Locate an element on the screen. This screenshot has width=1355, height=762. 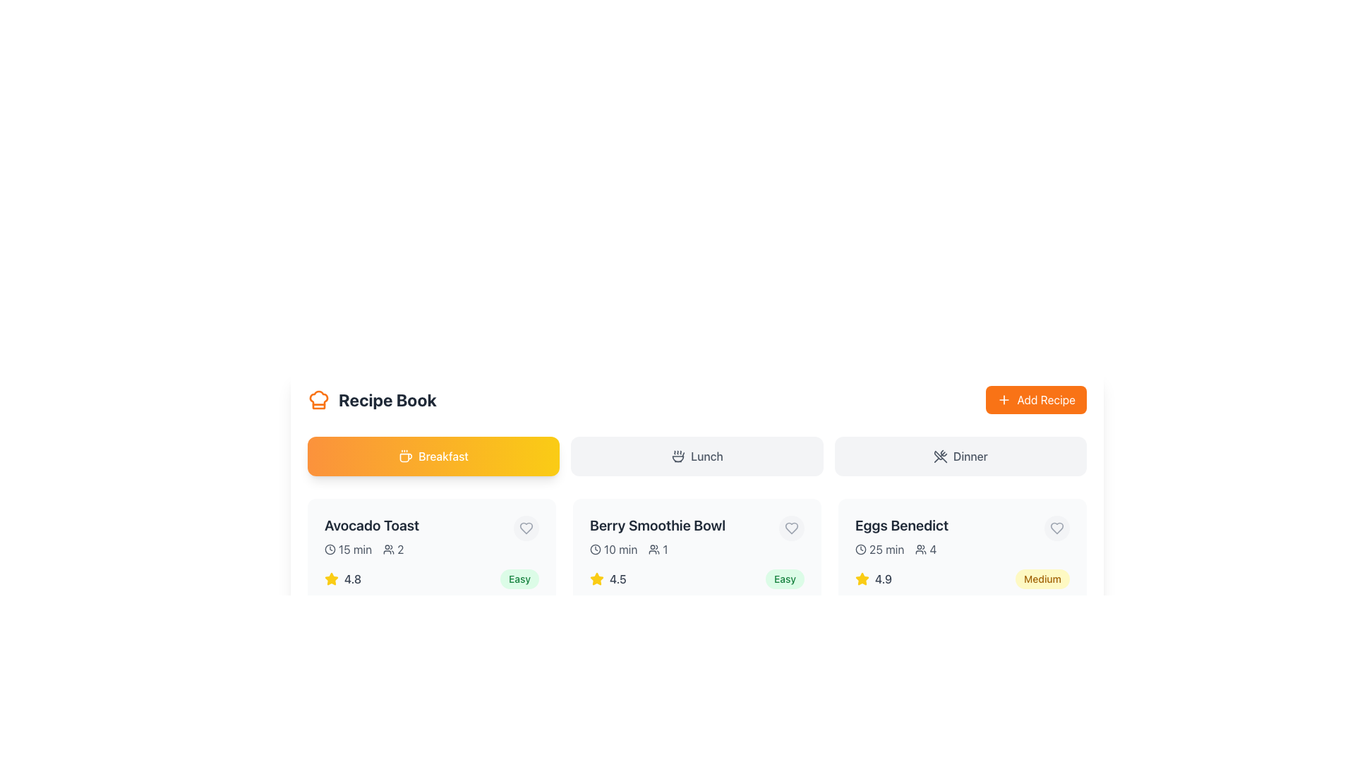
the static text label indicating the number of servings for the 'Avocado Toast' menu item, which is located to the right of the user icon and below the 'Breakfast' category is located at coordinates (393, 549).